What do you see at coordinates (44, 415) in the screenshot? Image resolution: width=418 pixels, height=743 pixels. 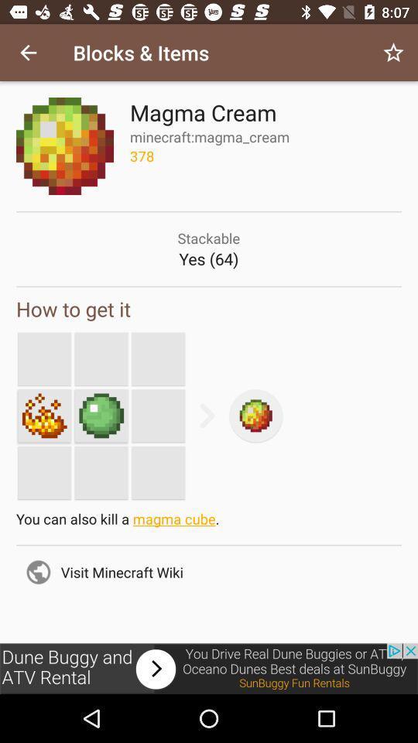 I see `item` at bounding box center [44, 415].